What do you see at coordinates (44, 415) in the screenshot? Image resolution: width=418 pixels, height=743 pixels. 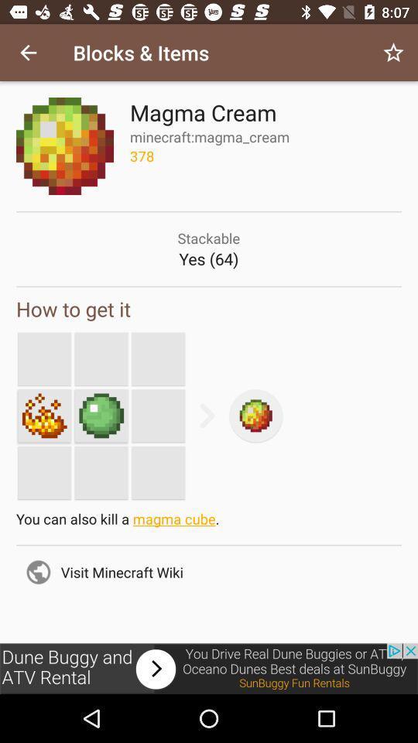 I see `item` at bounding box center [44, 415].